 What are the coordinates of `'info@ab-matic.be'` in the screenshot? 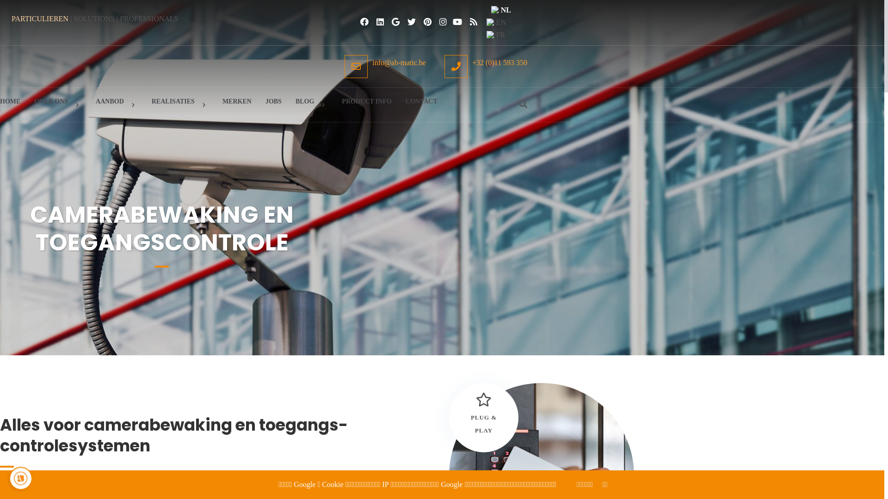 It's located at (385, 66).